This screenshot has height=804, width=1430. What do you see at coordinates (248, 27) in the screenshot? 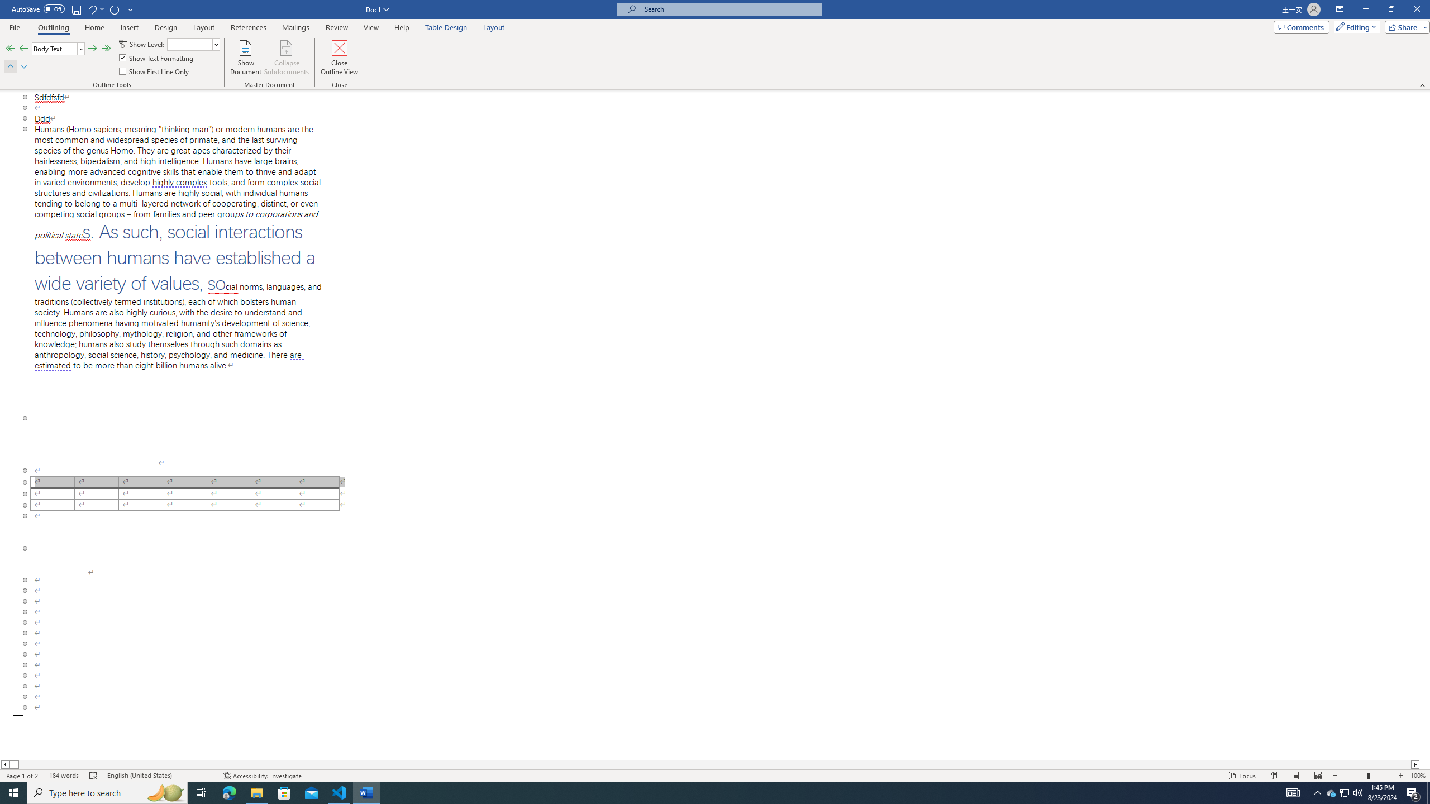
I see `'References'` at bounding box center [248, 27].